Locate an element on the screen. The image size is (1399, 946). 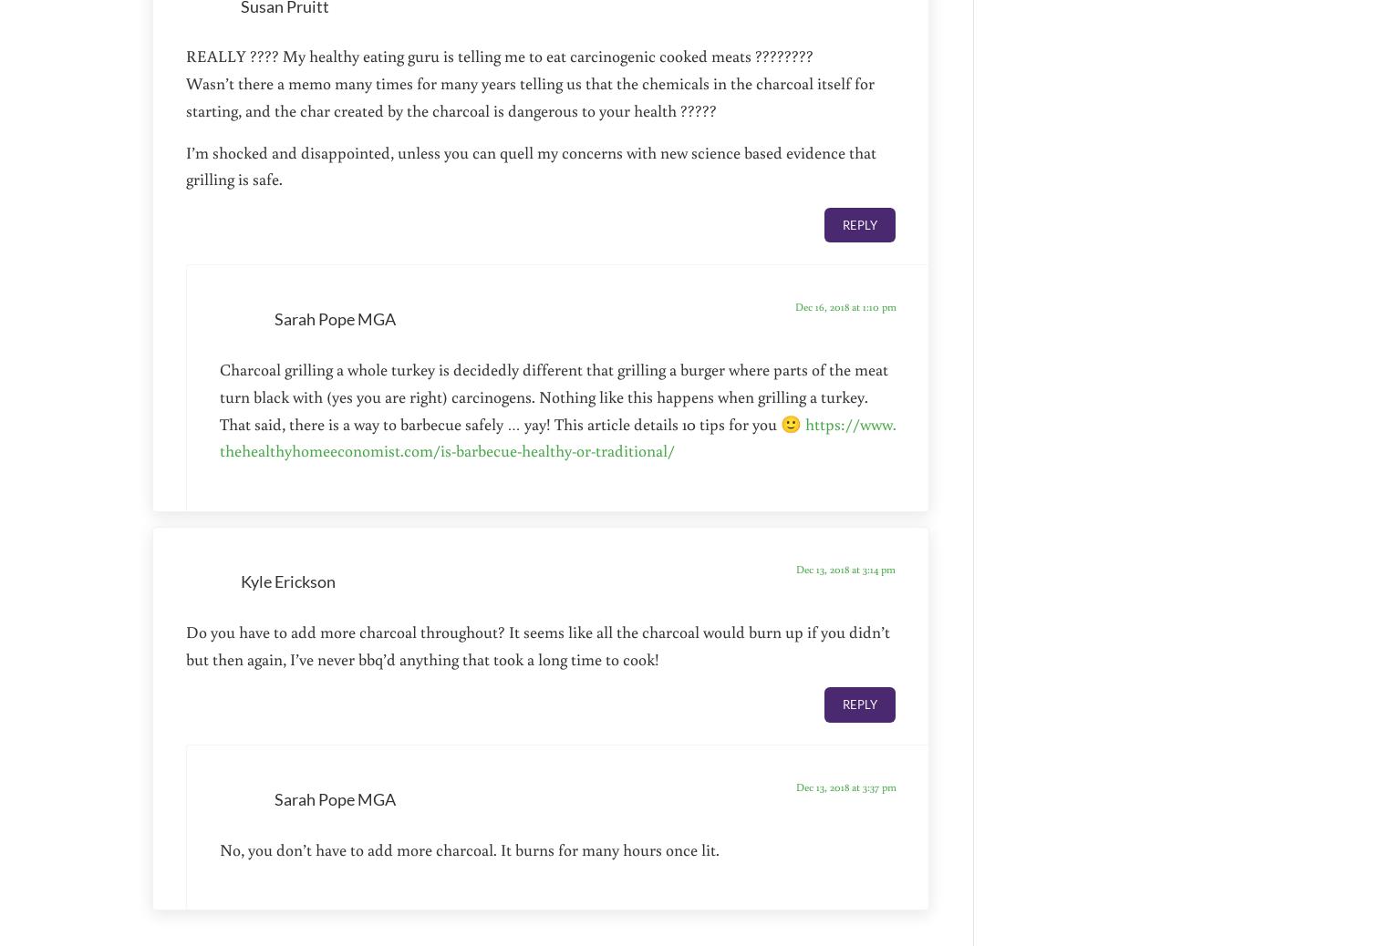
'Charcoal grilling a whole turkey is decidedly different that grilling a burger where parts of the meat turn black with (yes you are right) carcinogens. Nothing like this happens when grilling a turkey. That said, there is a way to barbecue safely … yay! This article details 10 tips for you 🙂' is located at coordinates (554, 396).